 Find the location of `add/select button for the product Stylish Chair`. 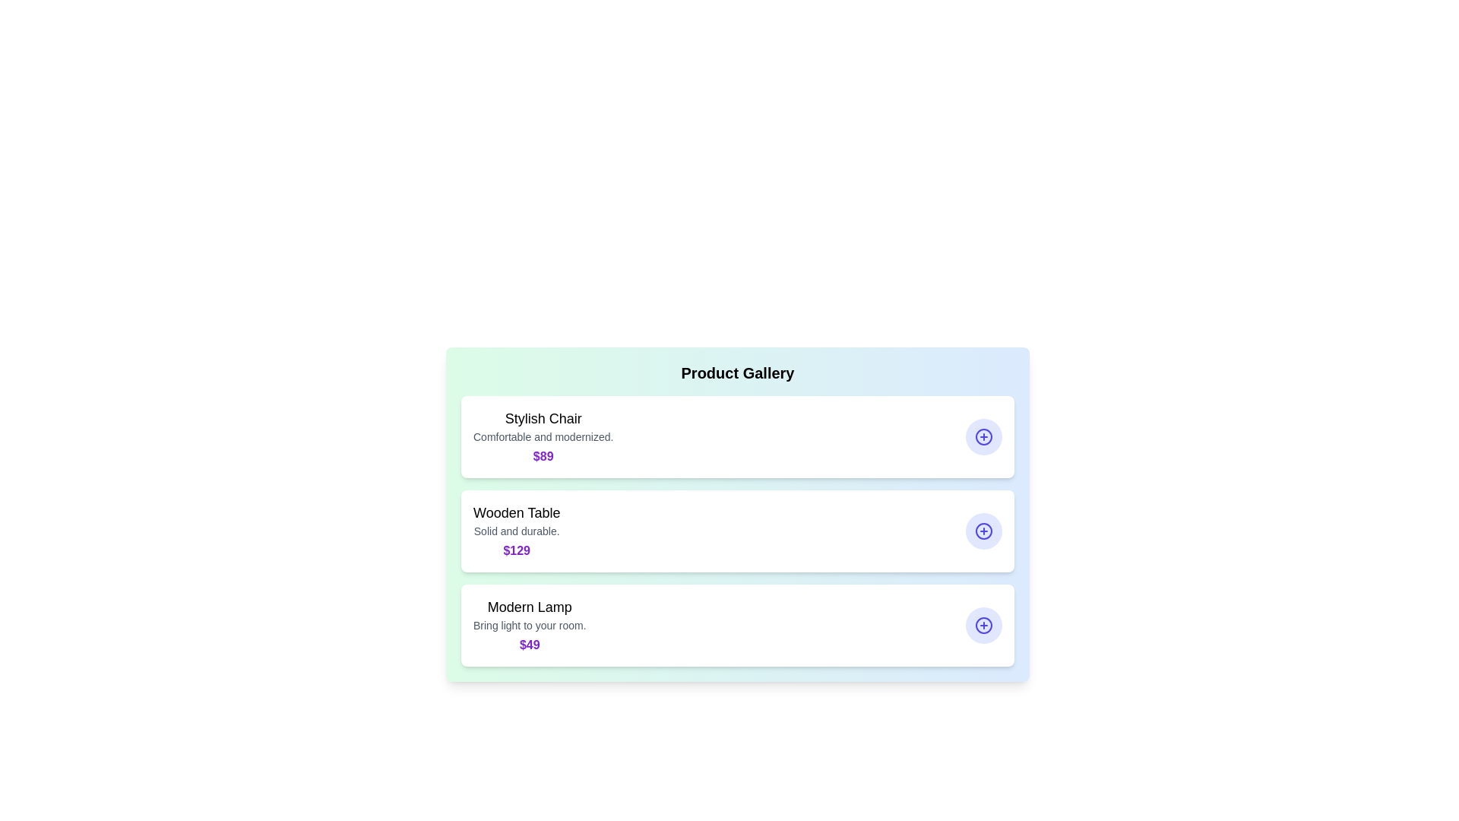

add/select button for the product Stylish Chair is located at coordinates (984, 436).